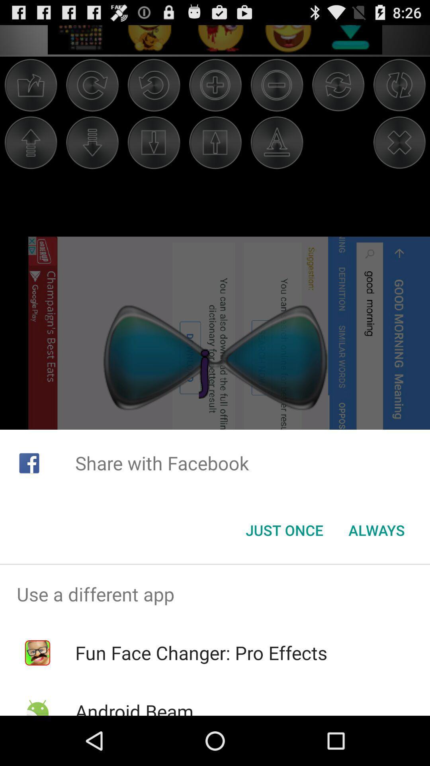 This screenshot has height=766, width=430. I want to click on fun face changer icon, so click(201, 653).